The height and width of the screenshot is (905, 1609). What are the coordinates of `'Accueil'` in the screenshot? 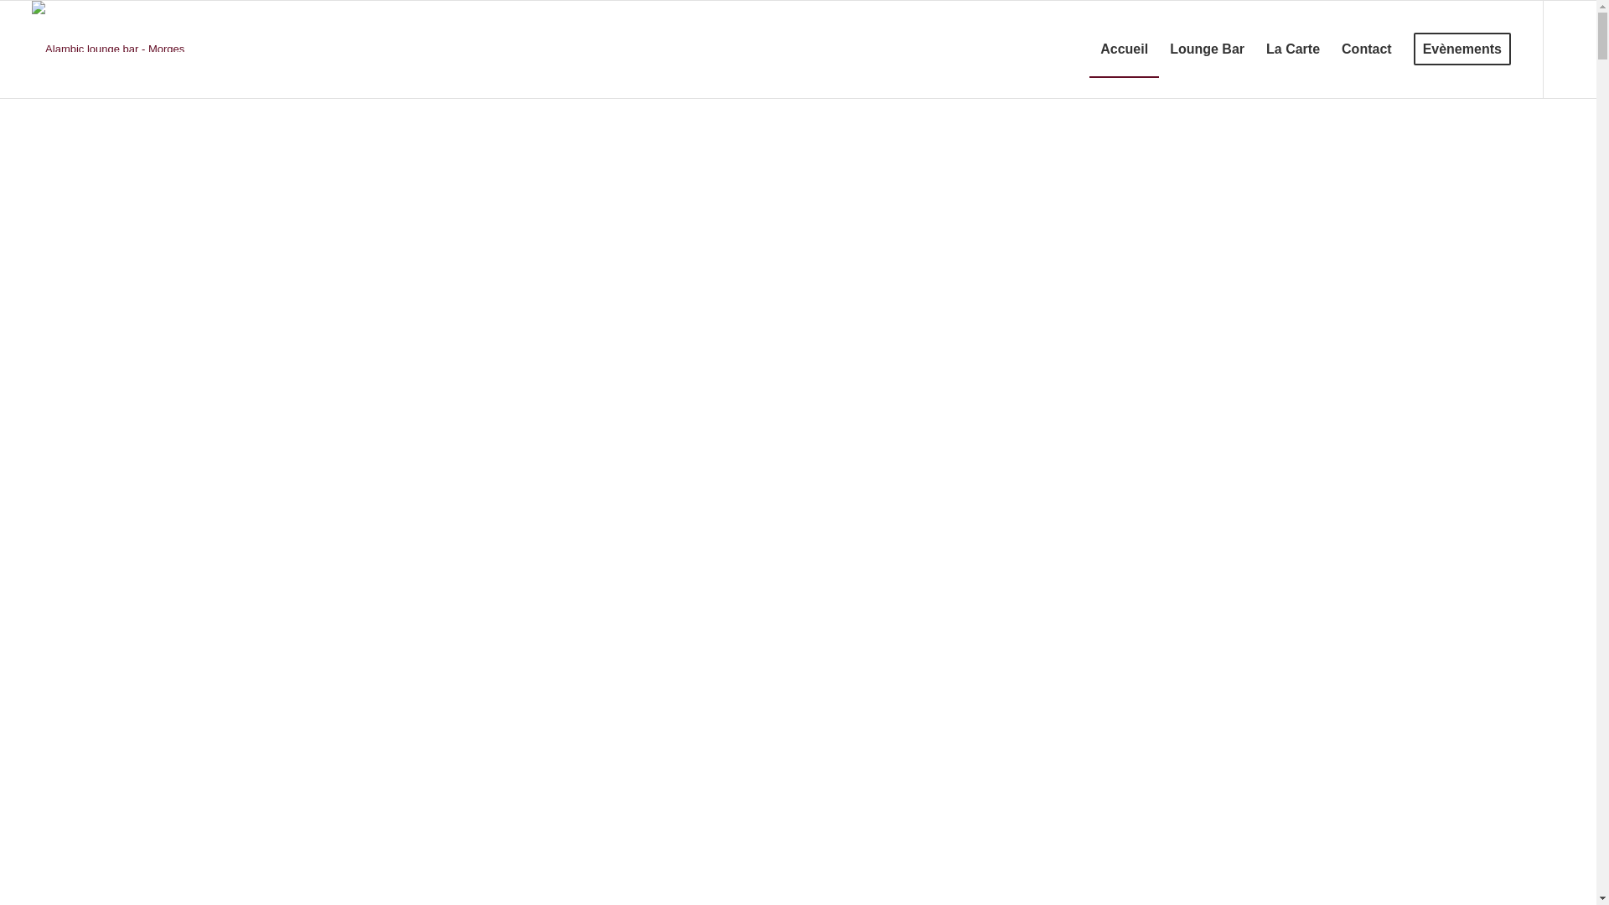 It's located at (1124, 48).